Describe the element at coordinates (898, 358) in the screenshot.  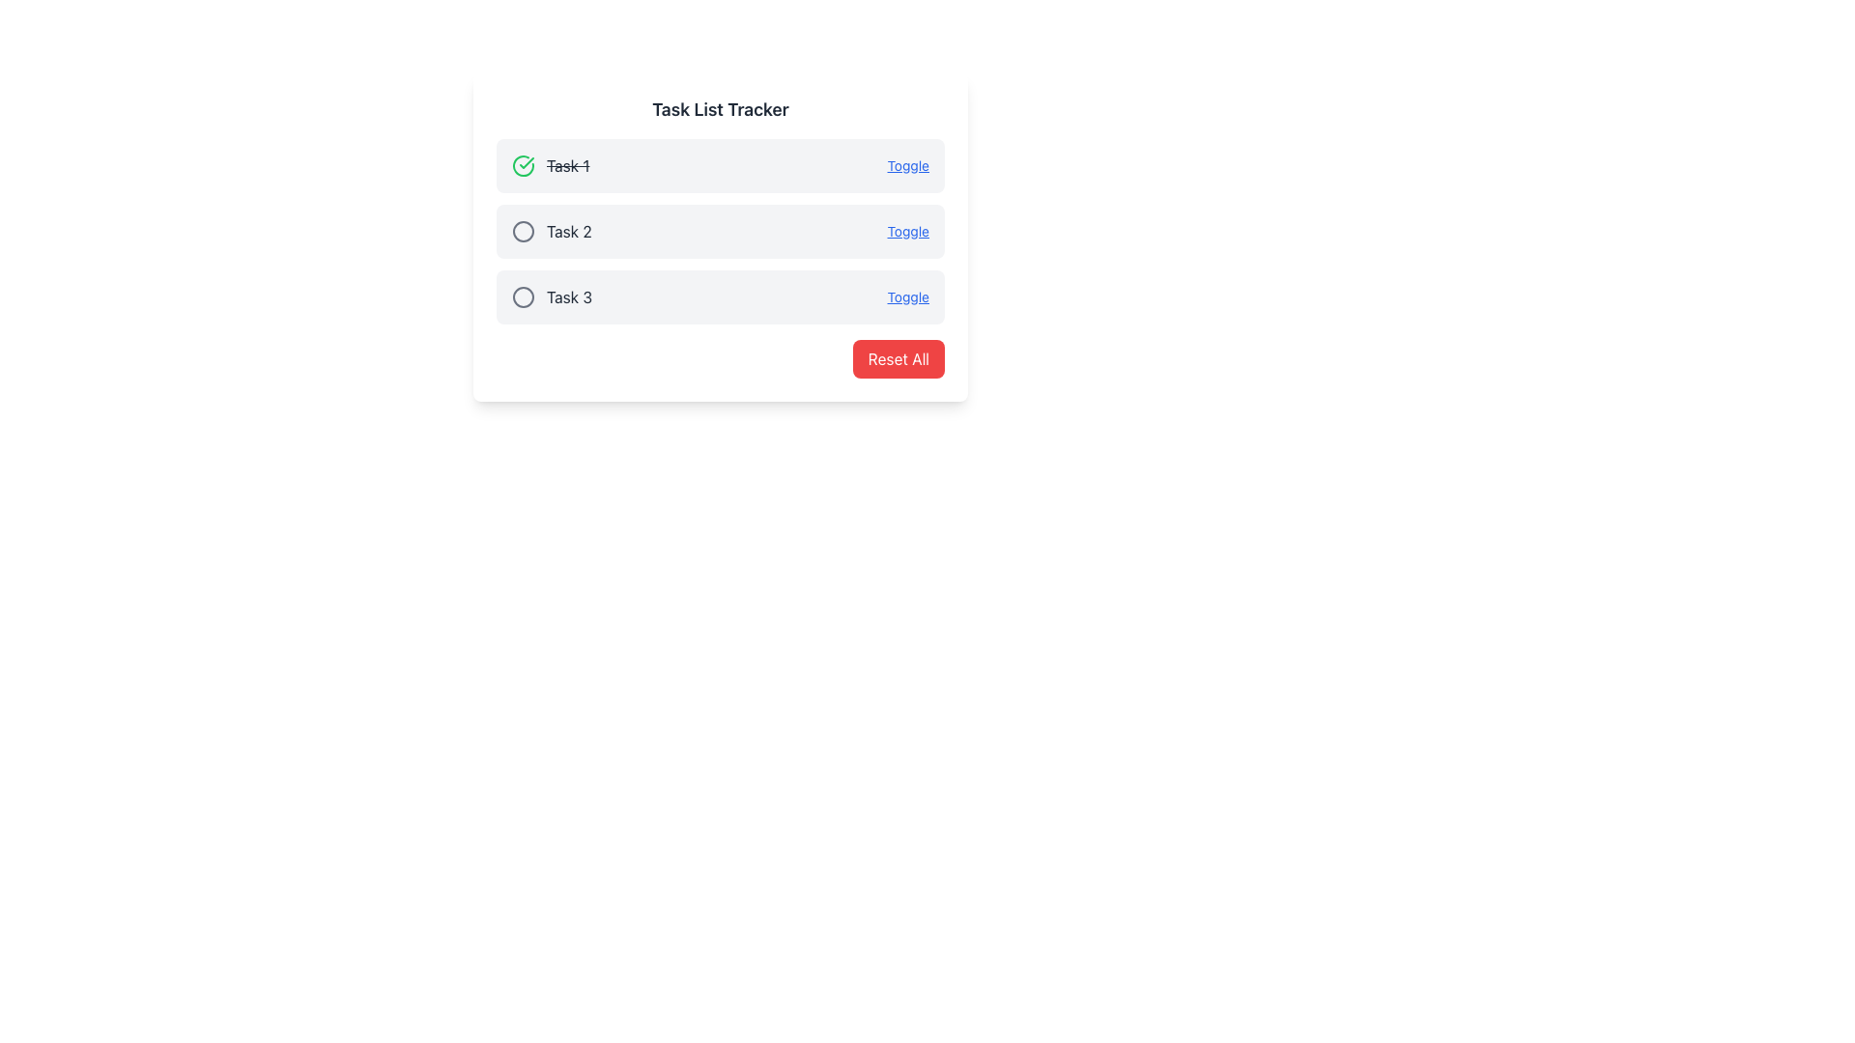
I see `the red 'Reset All' button located at the bottom-right section of the interface to reset all tasks` at that location.